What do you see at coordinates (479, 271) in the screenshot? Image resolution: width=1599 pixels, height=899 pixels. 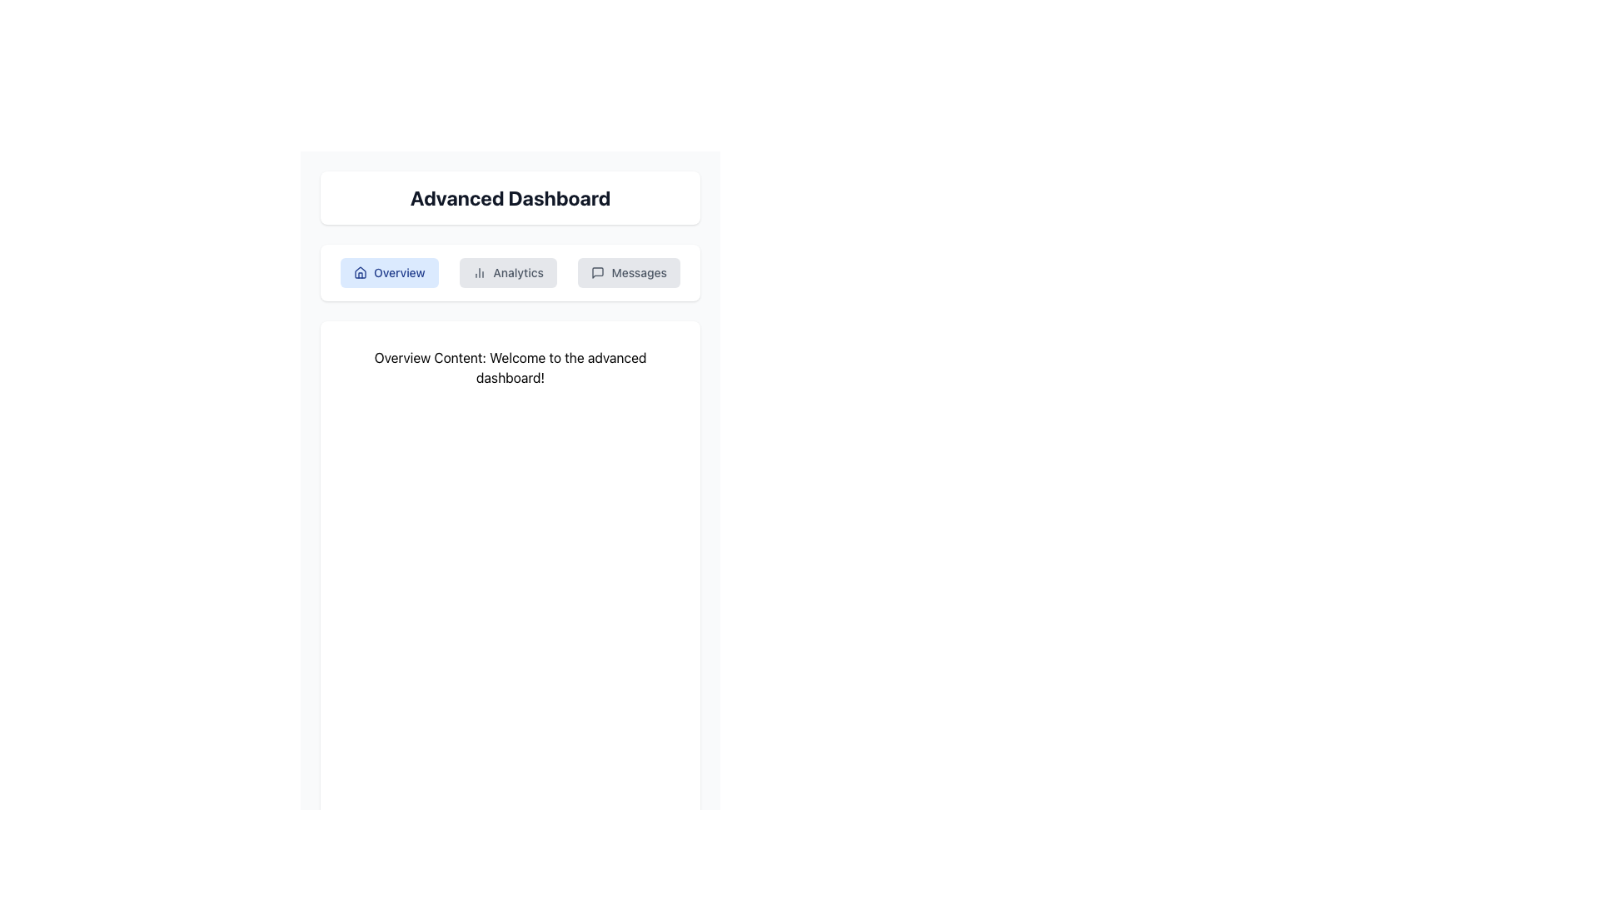 I see `the visual indicator icon representing analytical data, located within the 'Analytics' button, situated between the 'Overview' and 'Messages' buttons` at bounding box center [479, 271].